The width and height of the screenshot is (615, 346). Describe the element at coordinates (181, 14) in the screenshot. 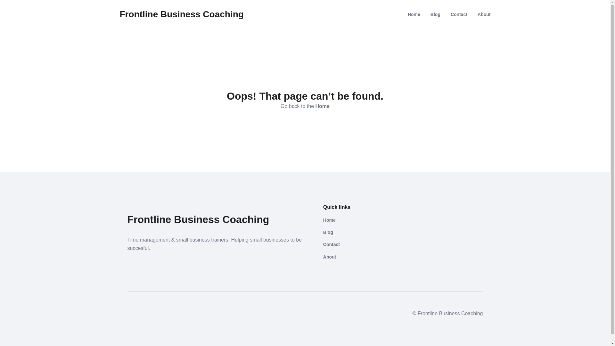

I see `'Frontline Business Coaching'` at that location.